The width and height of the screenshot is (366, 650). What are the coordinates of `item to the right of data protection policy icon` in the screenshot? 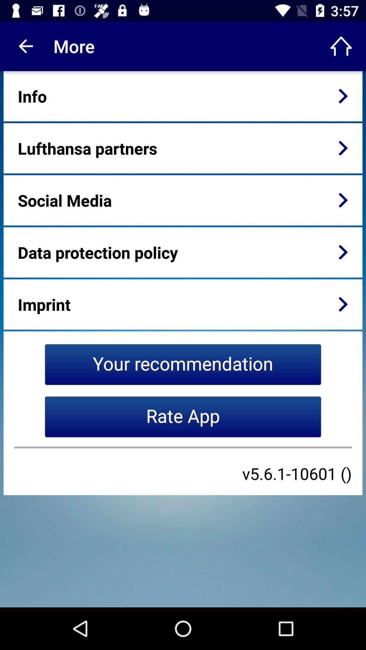 It's located at (343, 252).